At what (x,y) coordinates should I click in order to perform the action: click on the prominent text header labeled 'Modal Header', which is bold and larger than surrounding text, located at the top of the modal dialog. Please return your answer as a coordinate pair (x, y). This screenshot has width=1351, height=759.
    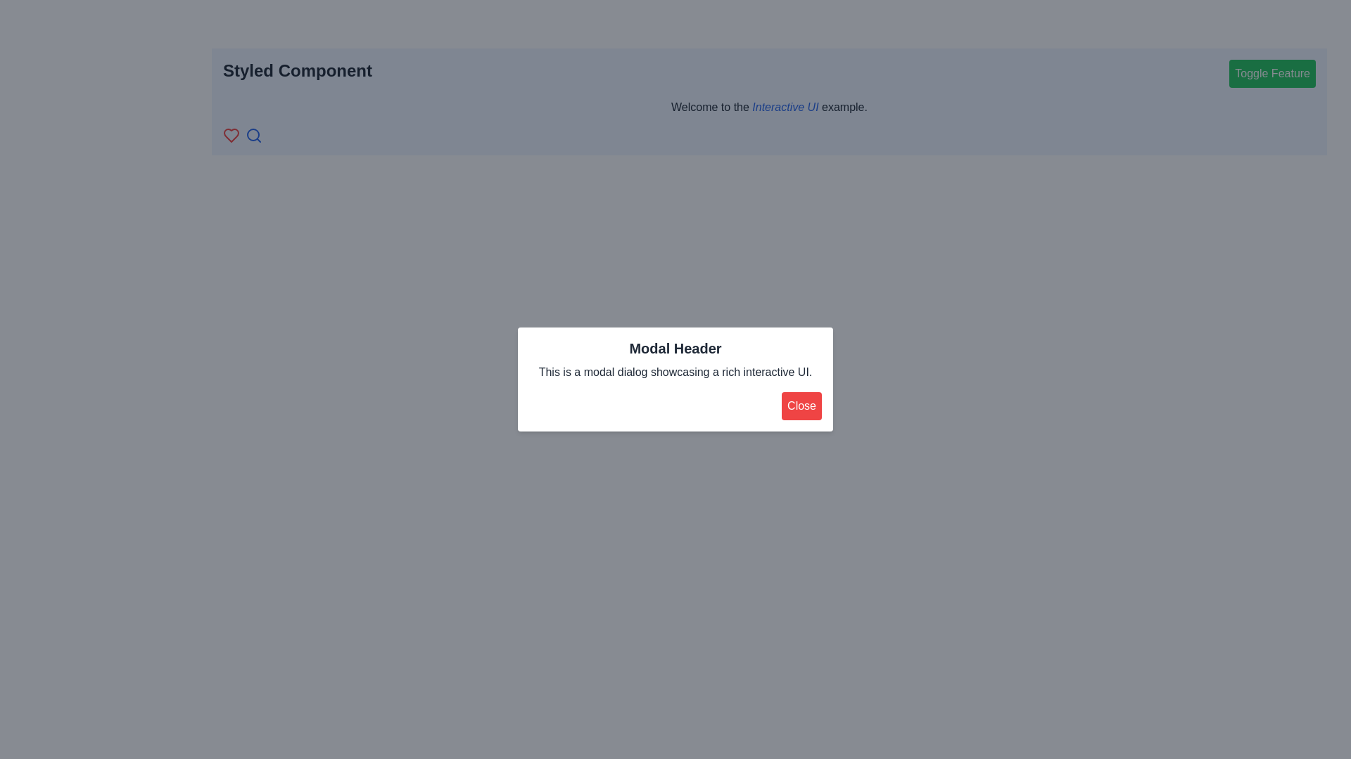
    Looking at the image, I should click on (675, 348).